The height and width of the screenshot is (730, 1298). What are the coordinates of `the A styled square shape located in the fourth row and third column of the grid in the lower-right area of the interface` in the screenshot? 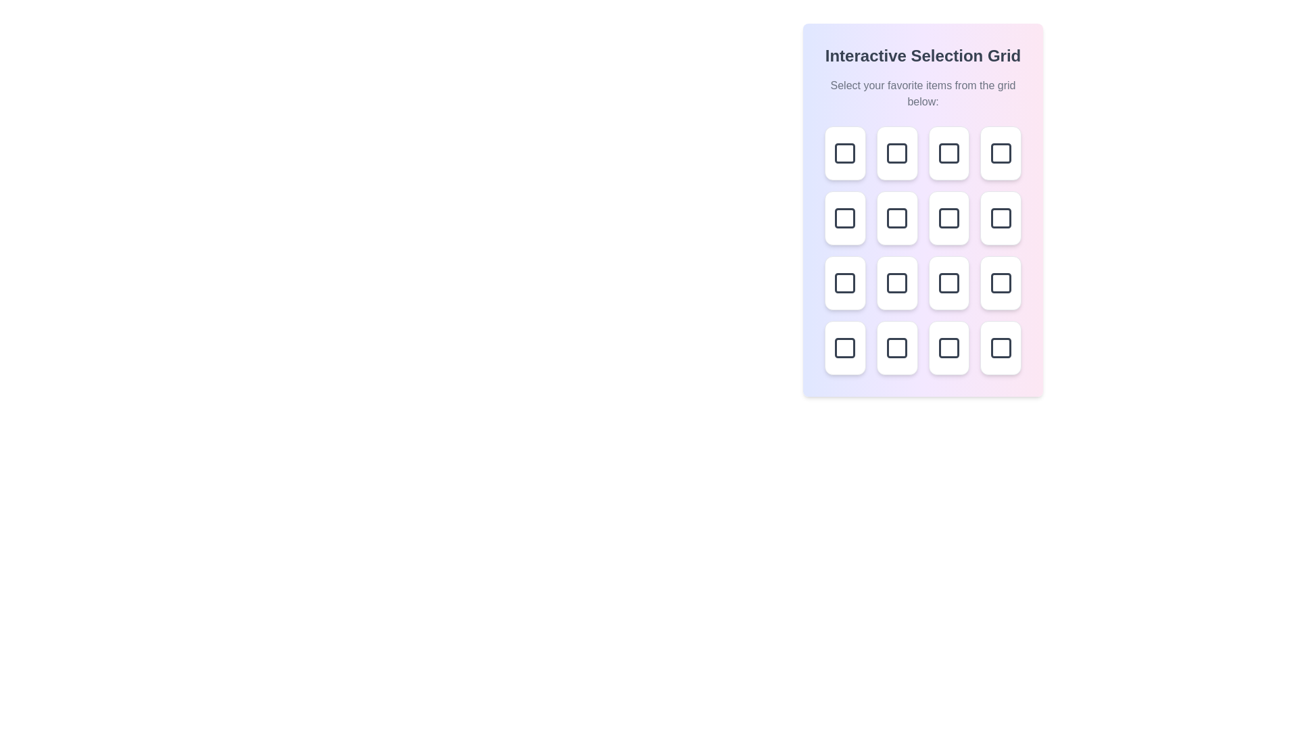 It's located at (897, 347).